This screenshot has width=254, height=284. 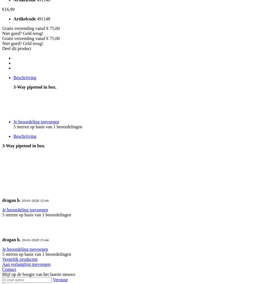 What do you see at coordinates (2, 269) in the screenshot?
I see `'Contact'` at bounding box center [2, 269].